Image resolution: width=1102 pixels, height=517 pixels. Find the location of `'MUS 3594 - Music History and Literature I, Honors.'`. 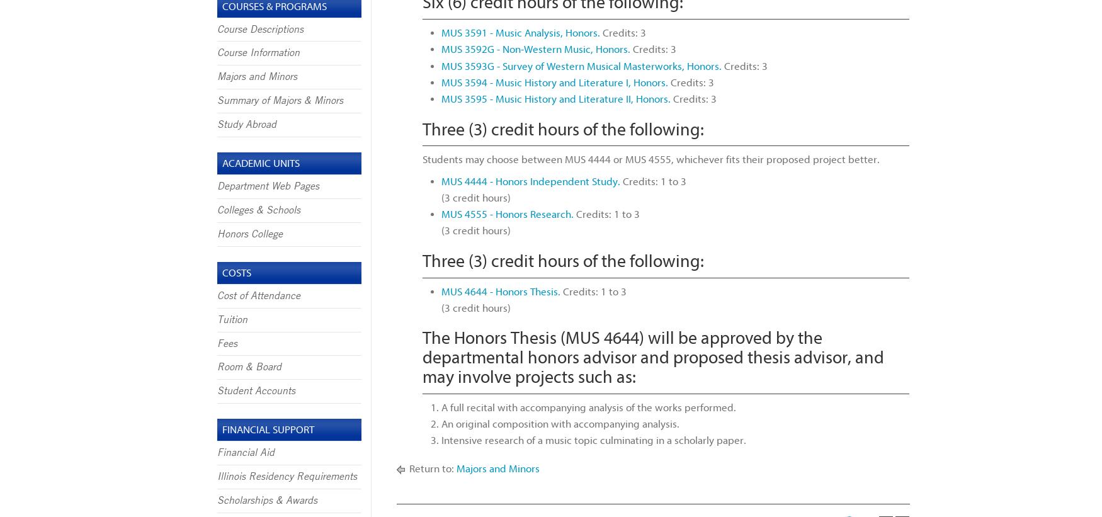

'MUS 3594 - Music History and Literature I, Honors.' is located at coordinates (554, 82).